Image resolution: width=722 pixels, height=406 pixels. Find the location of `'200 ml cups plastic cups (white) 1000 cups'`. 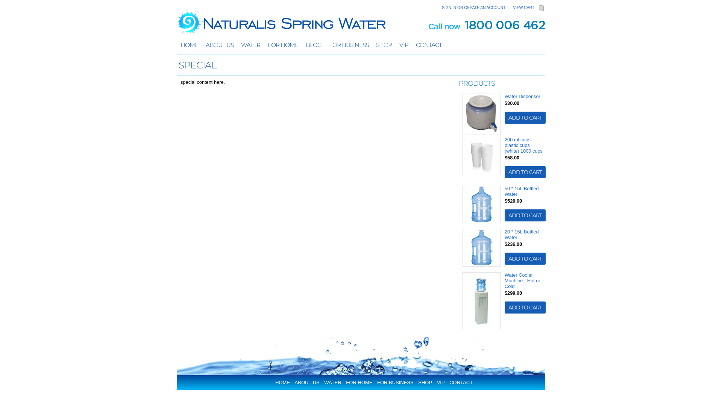

'200 ml cups plastic cups (white) 1000 cups' is located at coordinates (523, 145).